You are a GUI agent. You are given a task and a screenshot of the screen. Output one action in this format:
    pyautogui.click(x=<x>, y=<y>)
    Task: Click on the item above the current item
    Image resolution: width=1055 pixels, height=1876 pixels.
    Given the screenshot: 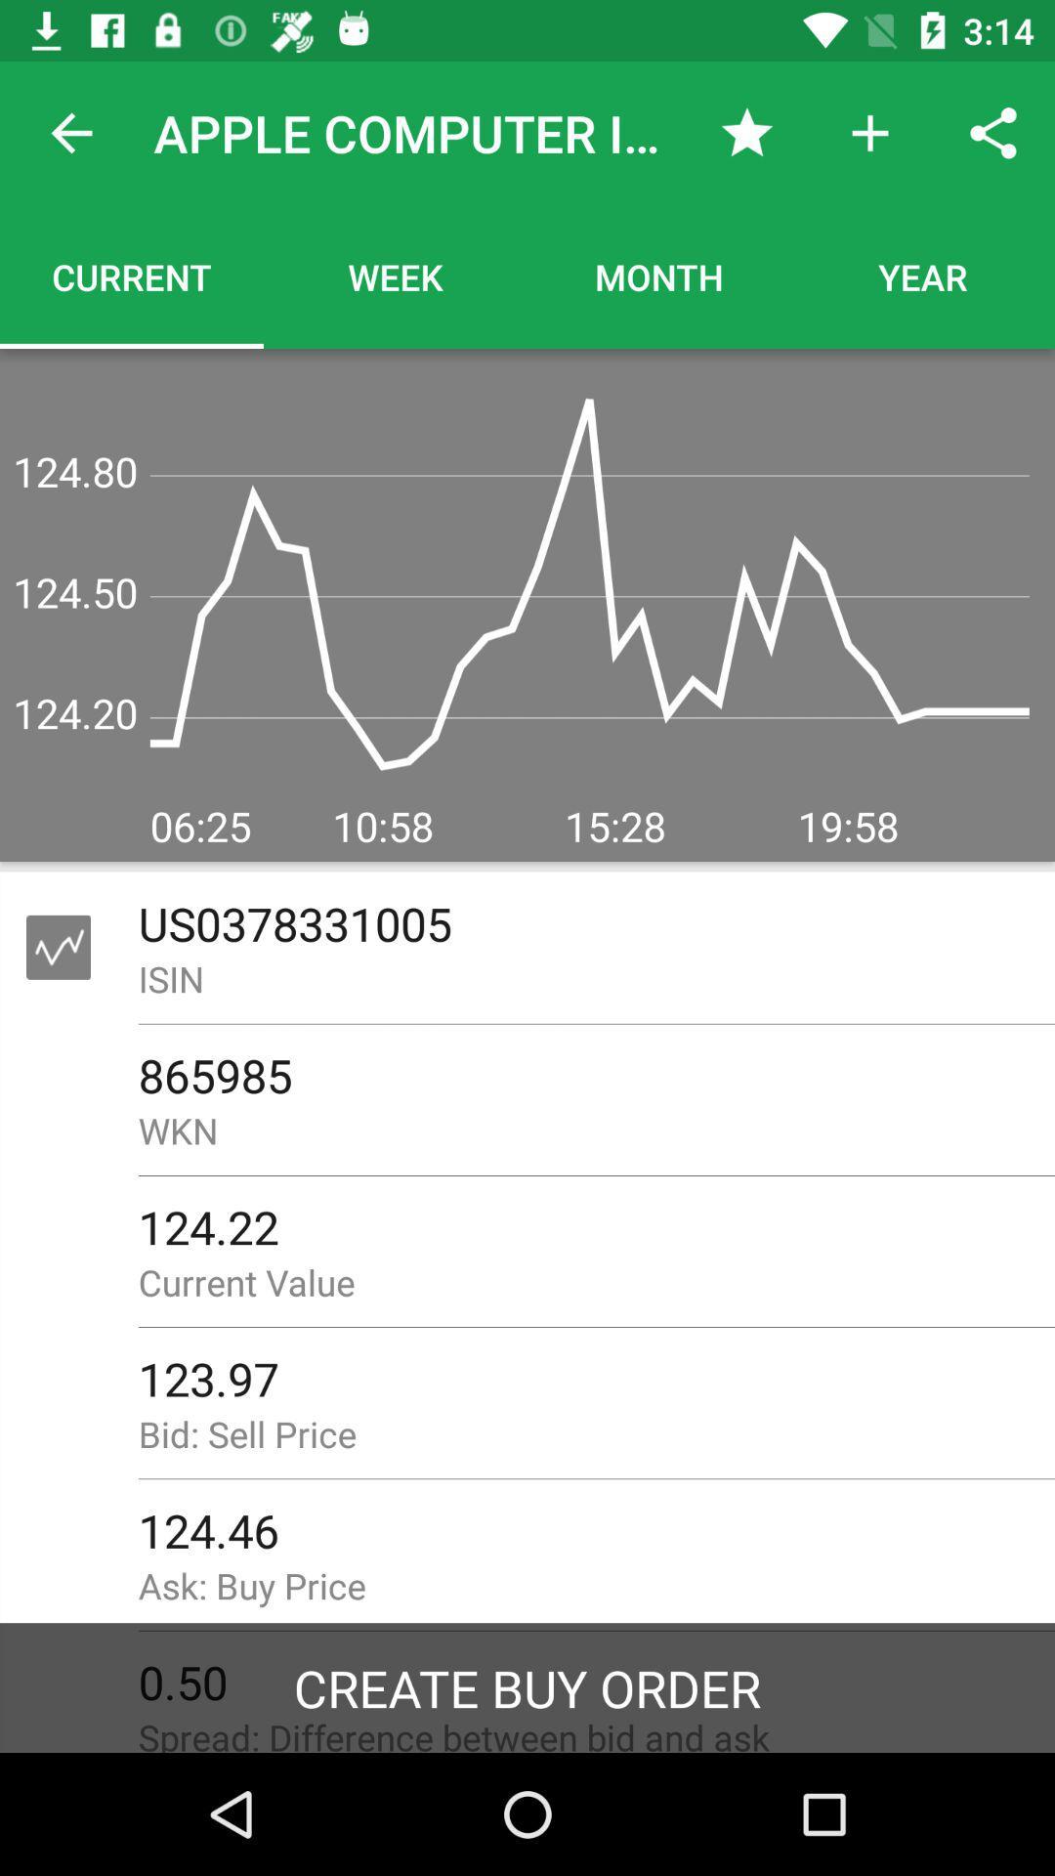 What is the action you would take?
    pyautogui.click(x=70, y=132)
    